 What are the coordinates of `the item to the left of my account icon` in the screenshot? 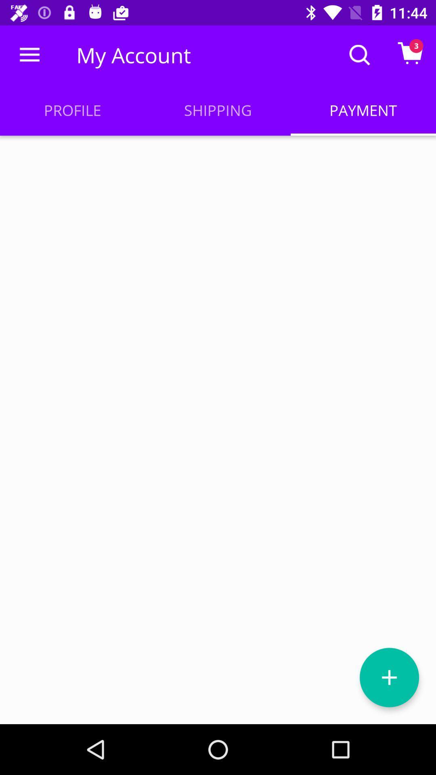 It's located at (29, 54).